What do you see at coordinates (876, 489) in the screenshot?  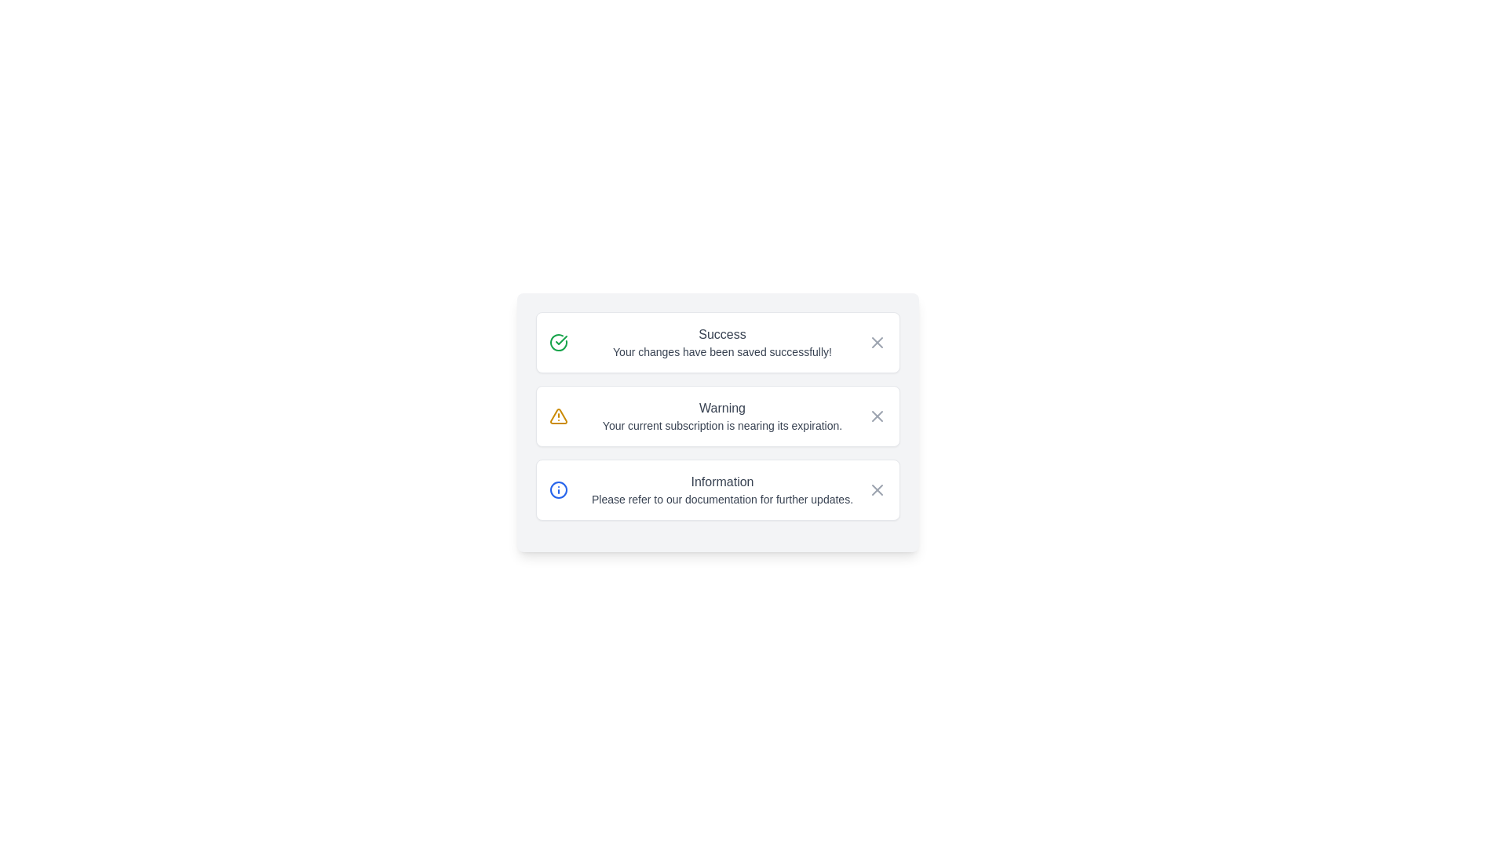 I see `the circular 'X' icon in gray located at the top-right corner of the 'Information' dialog box to change its color to red` at bounding box center [876, 489].